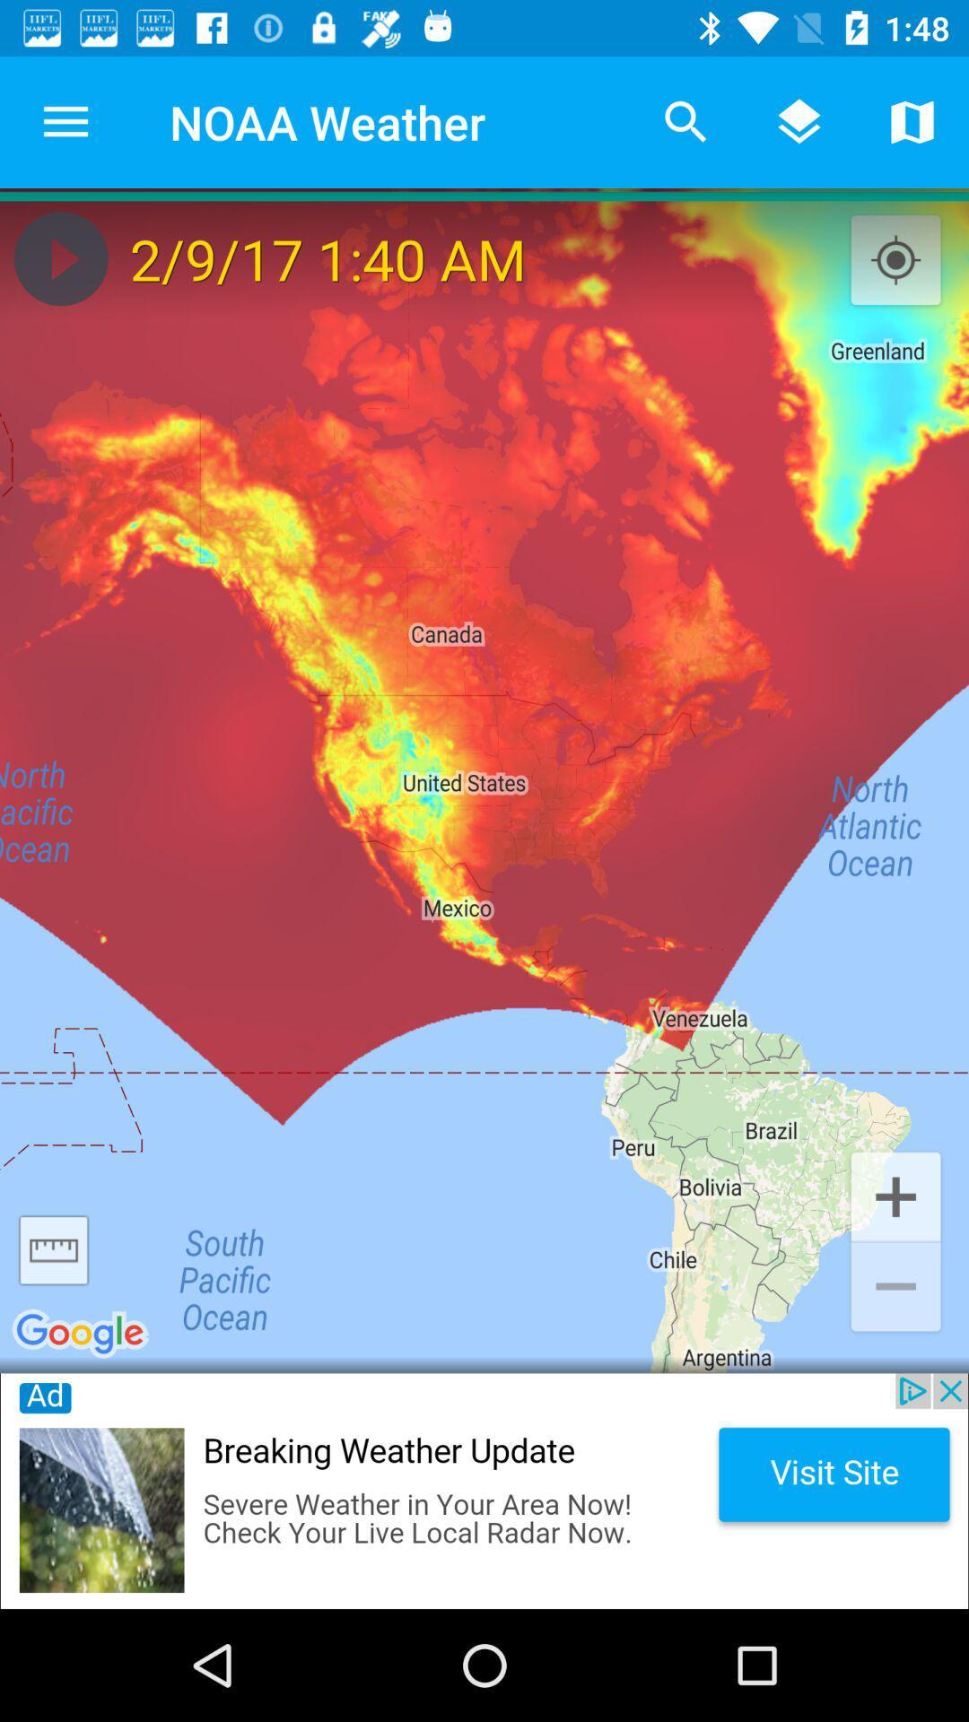 Image resolution: width=969 pixels, height=1722 pixels. I want to click on scale, so click(53, 1249).